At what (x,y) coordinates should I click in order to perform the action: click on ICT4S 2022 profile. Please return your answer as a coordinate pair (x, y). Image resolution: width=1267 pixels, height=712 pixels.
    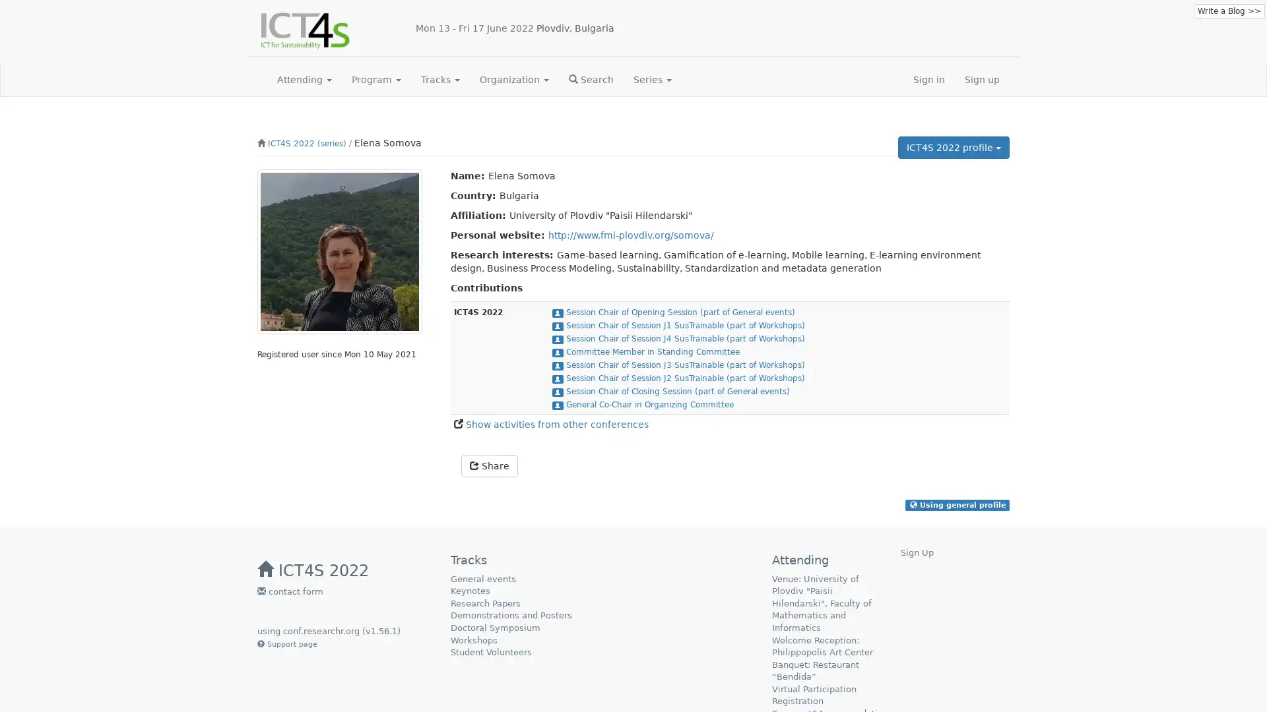
    Looking at the image, I should click on (954, 147).